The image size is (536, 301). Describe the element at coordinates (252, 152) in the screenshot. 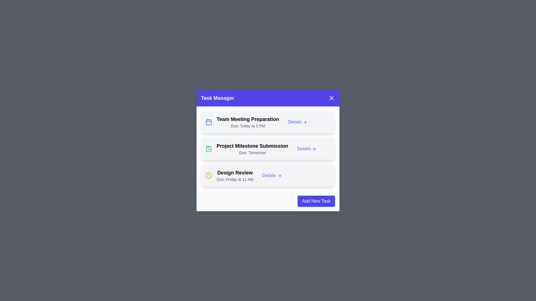

I see `text label that reads 'Due: Tomorrow', which is located below the title 'Project Milestone Submission' in the second card under 'Task Manager'` at that location.